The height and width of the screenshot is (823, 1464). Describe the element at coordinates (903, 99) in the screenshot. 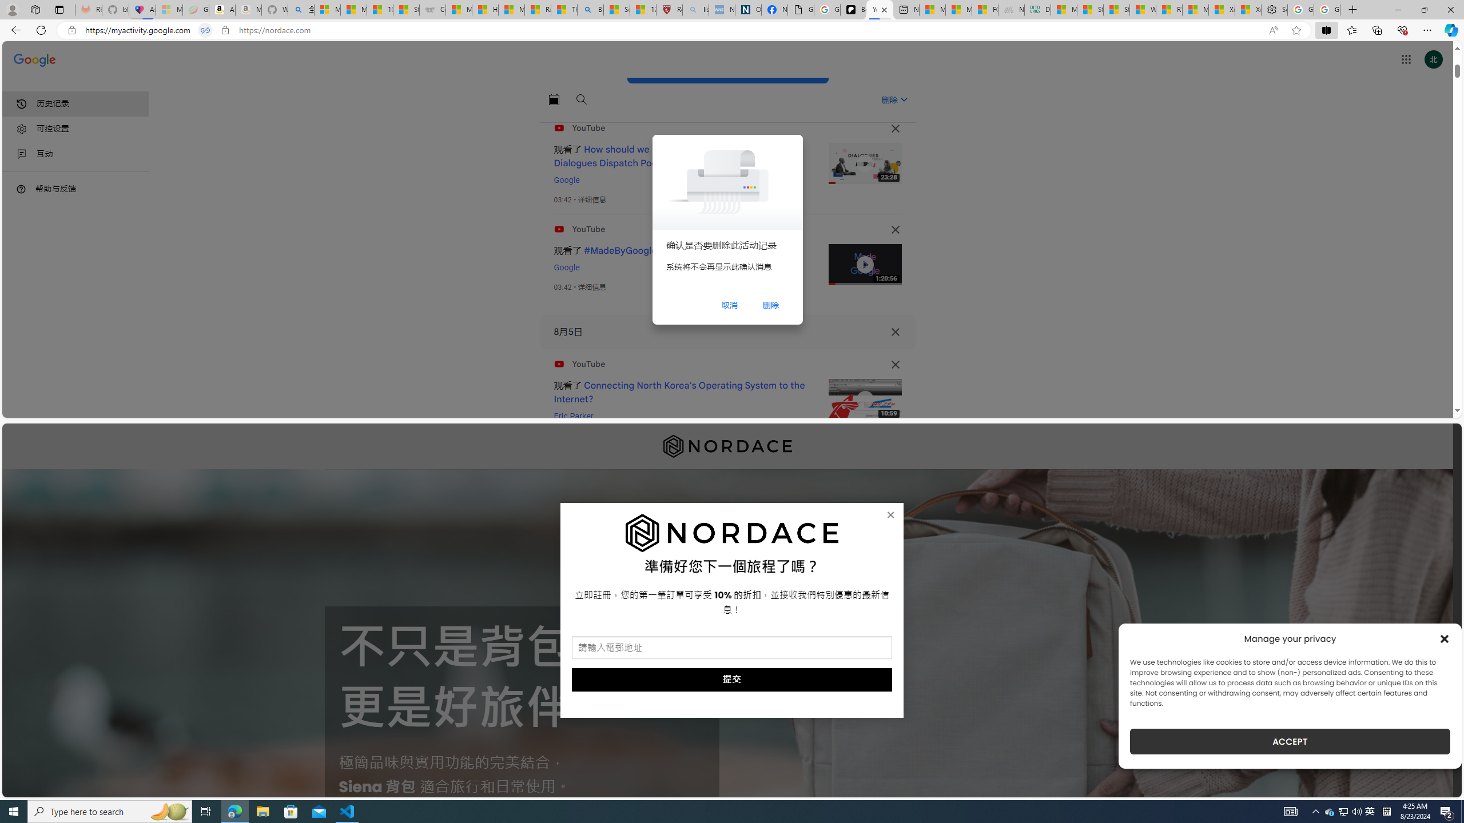

I see `'Class: asE2Ub NMm5M'` at that location.